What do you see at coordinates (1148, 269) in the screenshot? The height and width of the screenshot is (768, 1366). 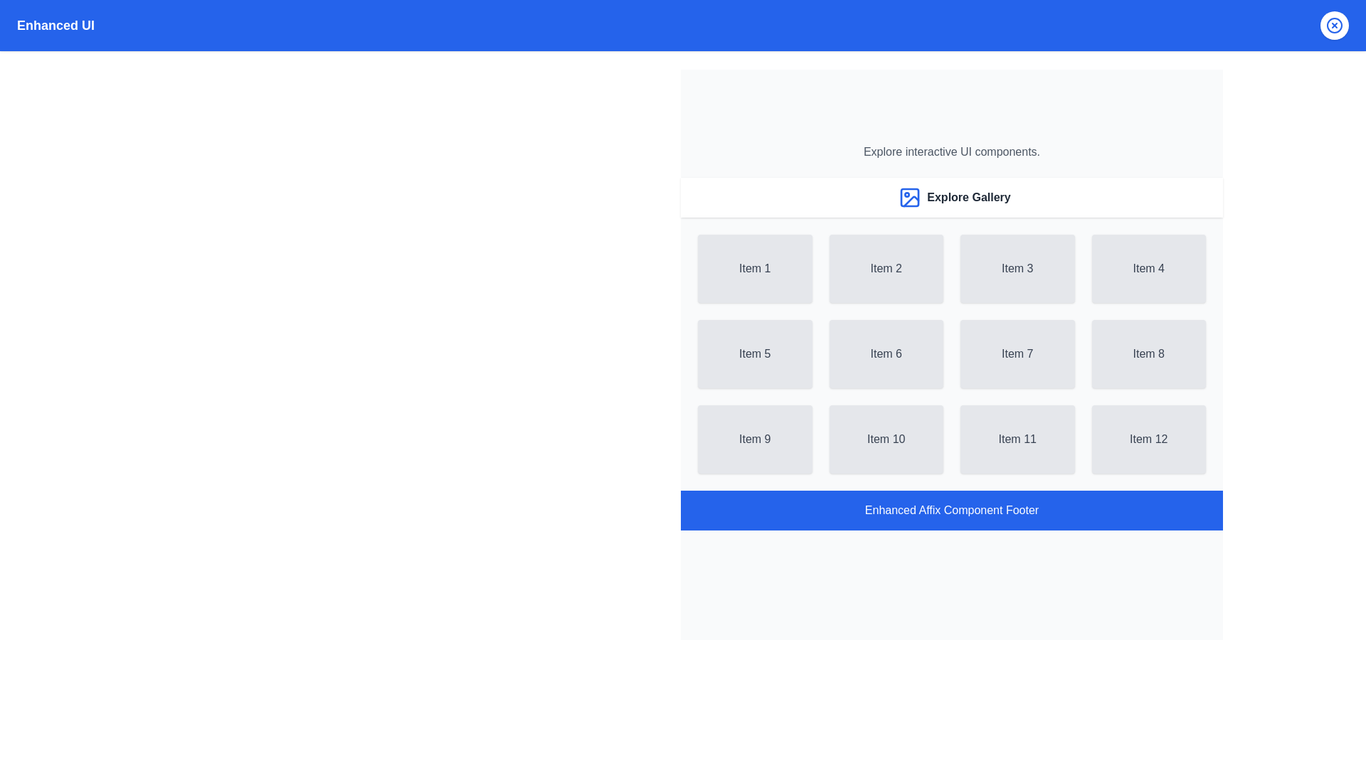 I see `the fourth item in the first row of the grid layout` at bounding box center [1148, 269].